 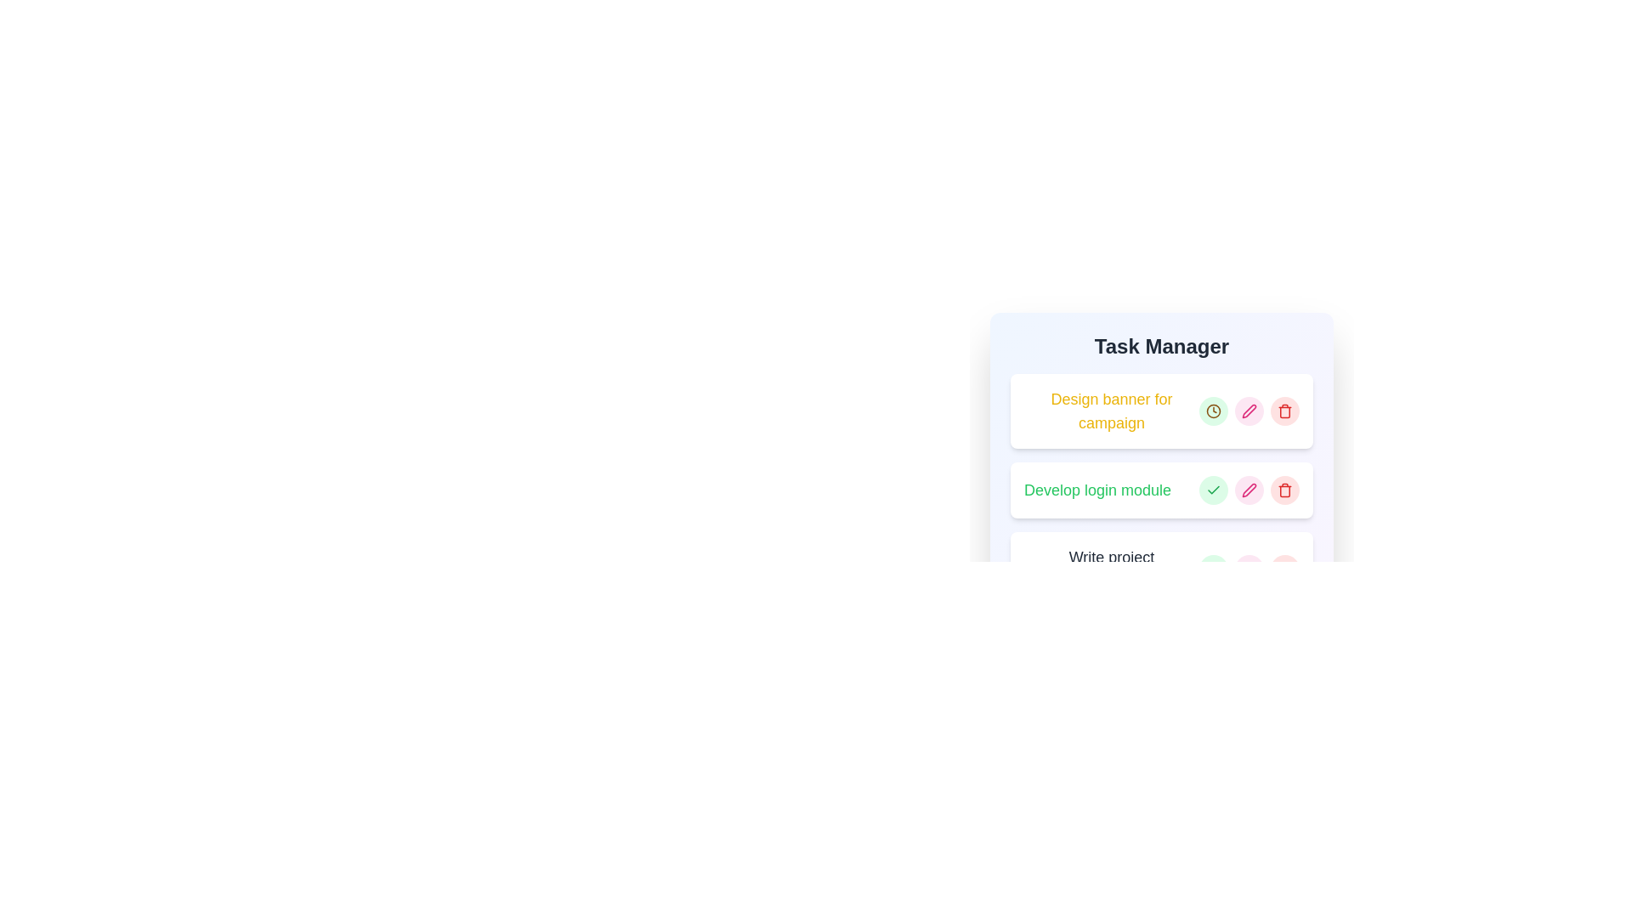 What do you see at coordinates (1285, 490) in the screenshot?
I see `the small trash icon button with a light red background located on the right side of the second task in the task list` at bounding box center [1285, 490].